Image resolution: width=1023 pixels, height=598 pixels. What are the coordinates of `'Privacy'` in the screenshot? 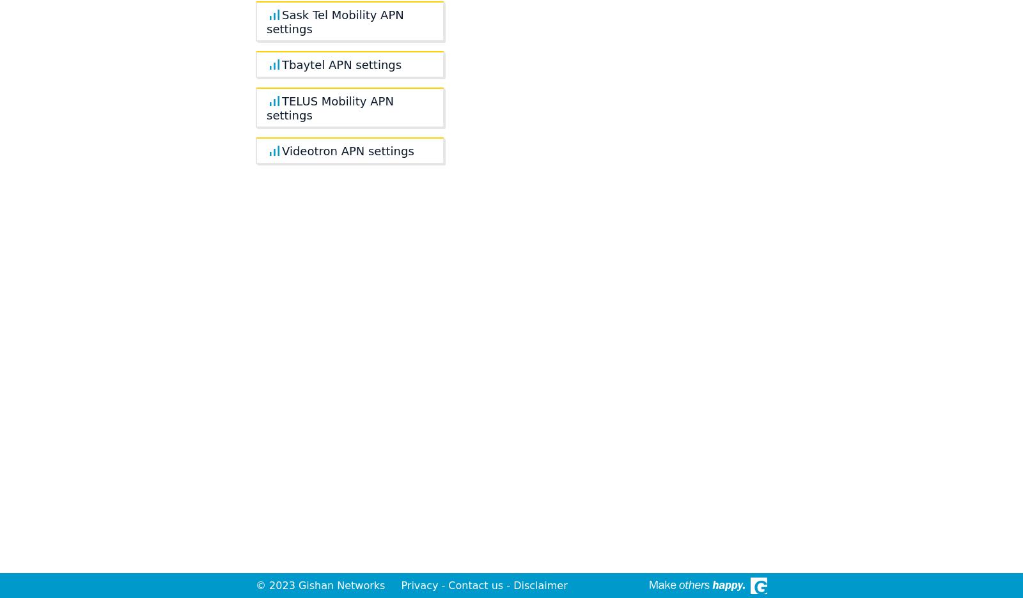 It's located at (419, 585).